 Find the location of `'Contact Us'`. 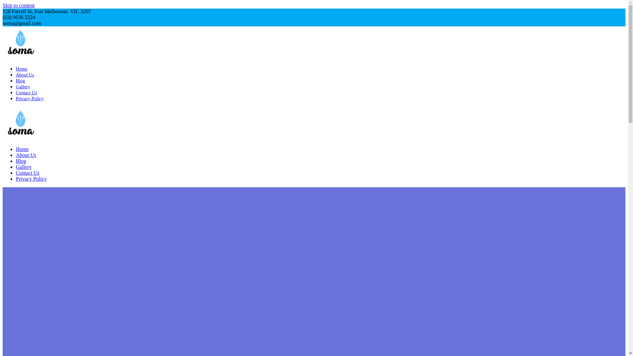

'Contact Us' is located at coordinates (26, 93).